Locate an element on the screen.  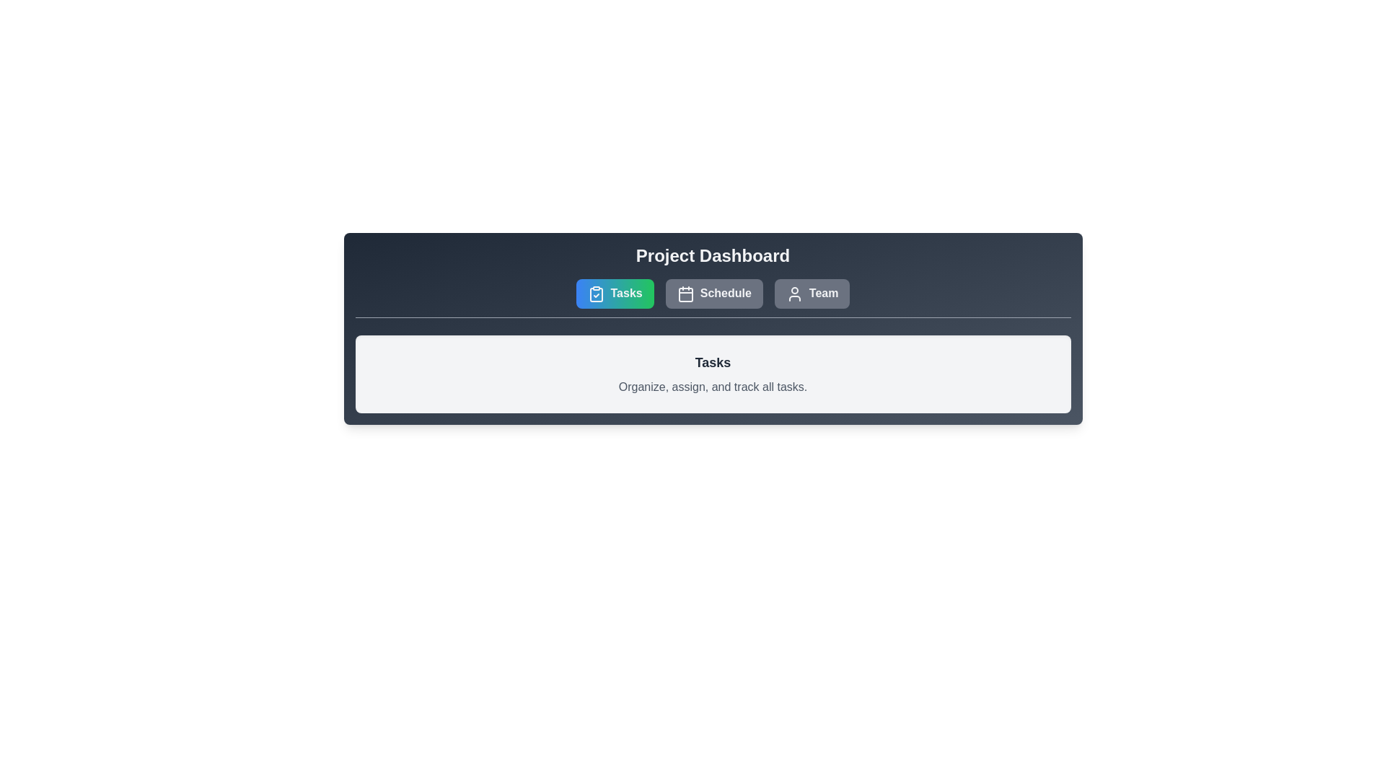
the SVG rectangle that forms the main body of the calendar icon located in the top UI section labeled 'Schedule' is located at coordinates (685, 294).